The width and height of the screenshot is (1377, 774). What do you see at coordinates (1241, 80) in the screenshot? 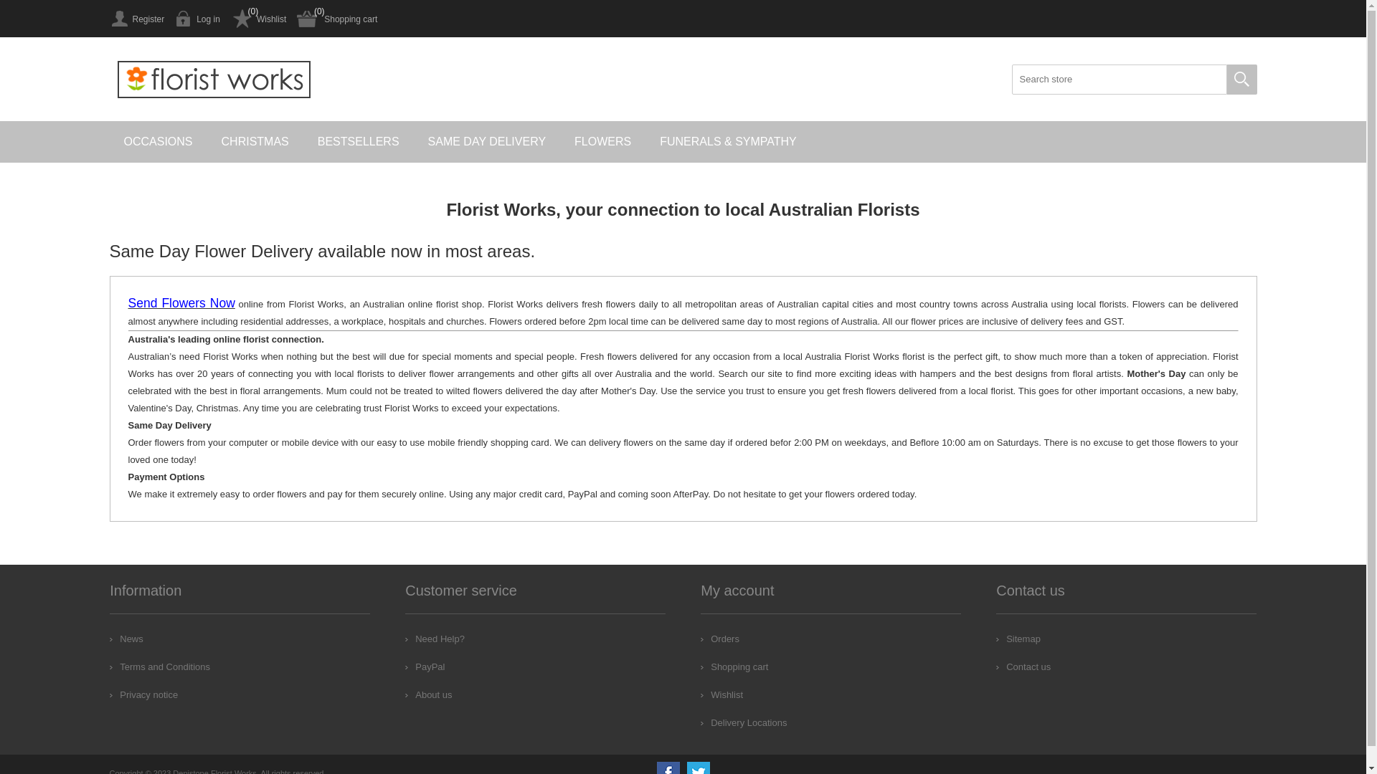
I see `'Search'` at bounding box center [1241, 80].